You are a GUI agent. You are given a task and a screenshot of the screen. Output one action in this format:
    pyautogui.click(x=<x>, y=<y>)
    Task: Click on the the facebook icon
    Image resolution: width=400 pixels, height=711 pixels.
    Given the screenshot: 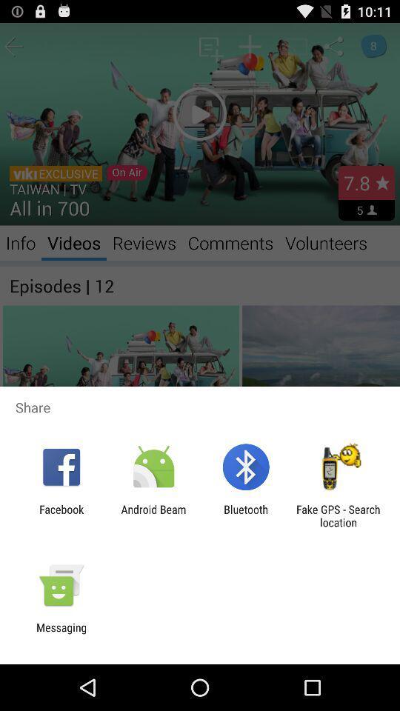 What is the action you would take?
    pyautogui.click(x=61, y=515)
    